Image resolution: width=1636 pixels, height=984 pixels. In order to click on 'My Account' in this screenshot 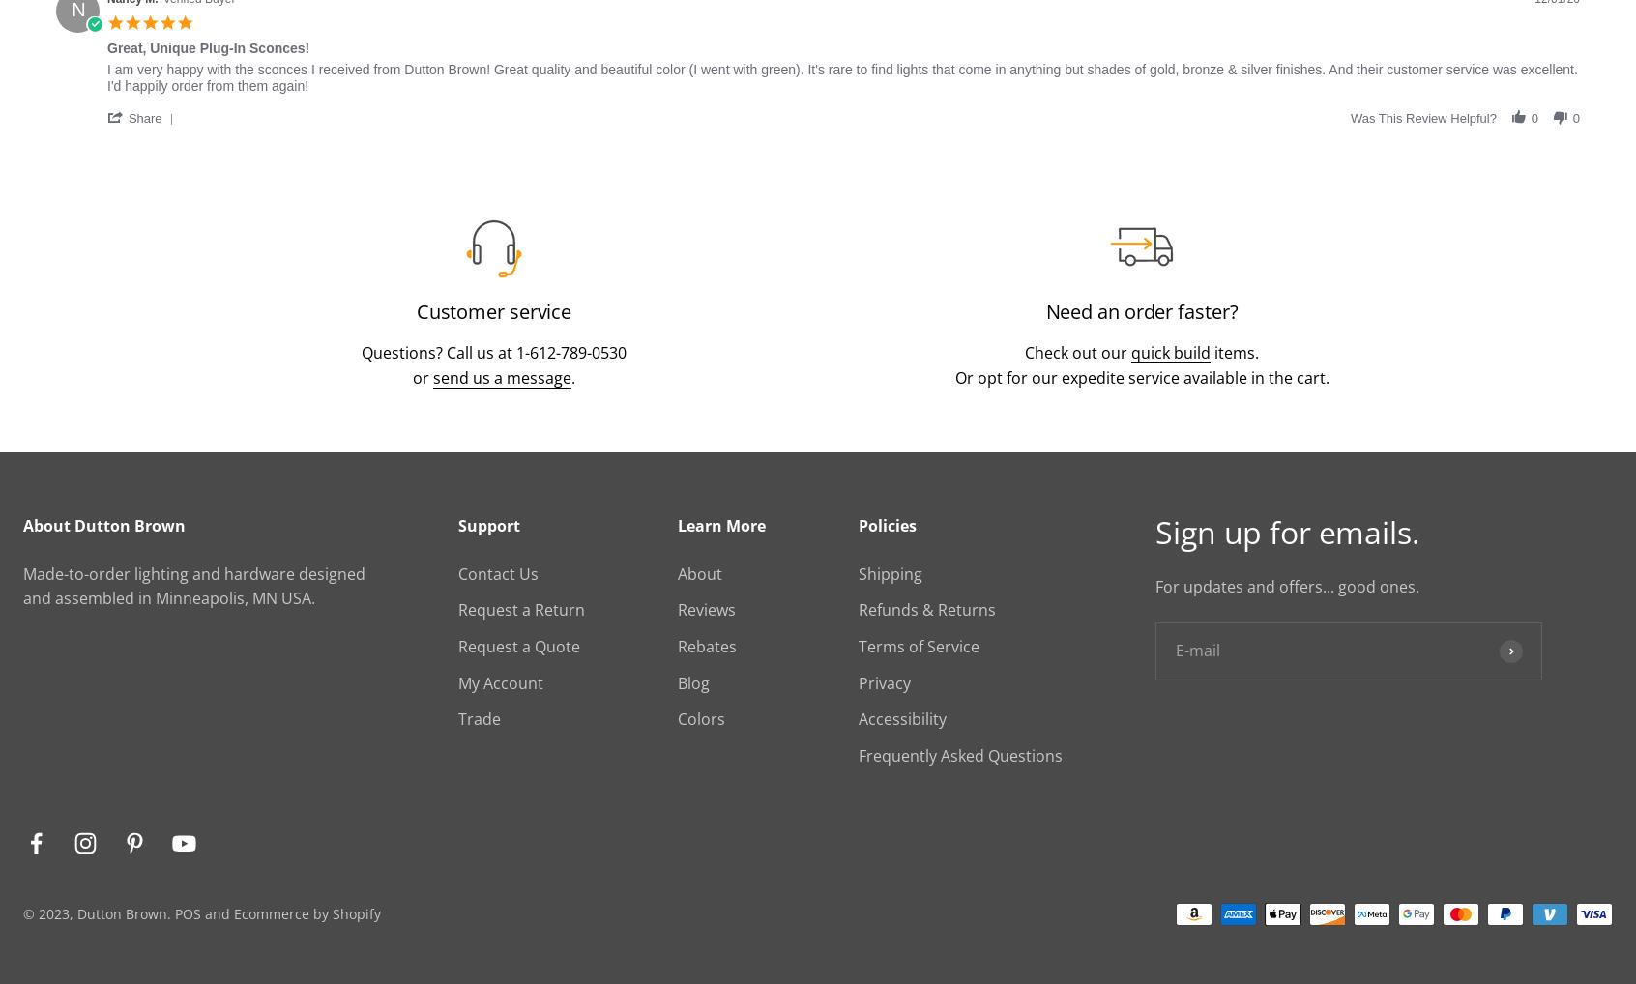, I will do `click(456, 681)`.